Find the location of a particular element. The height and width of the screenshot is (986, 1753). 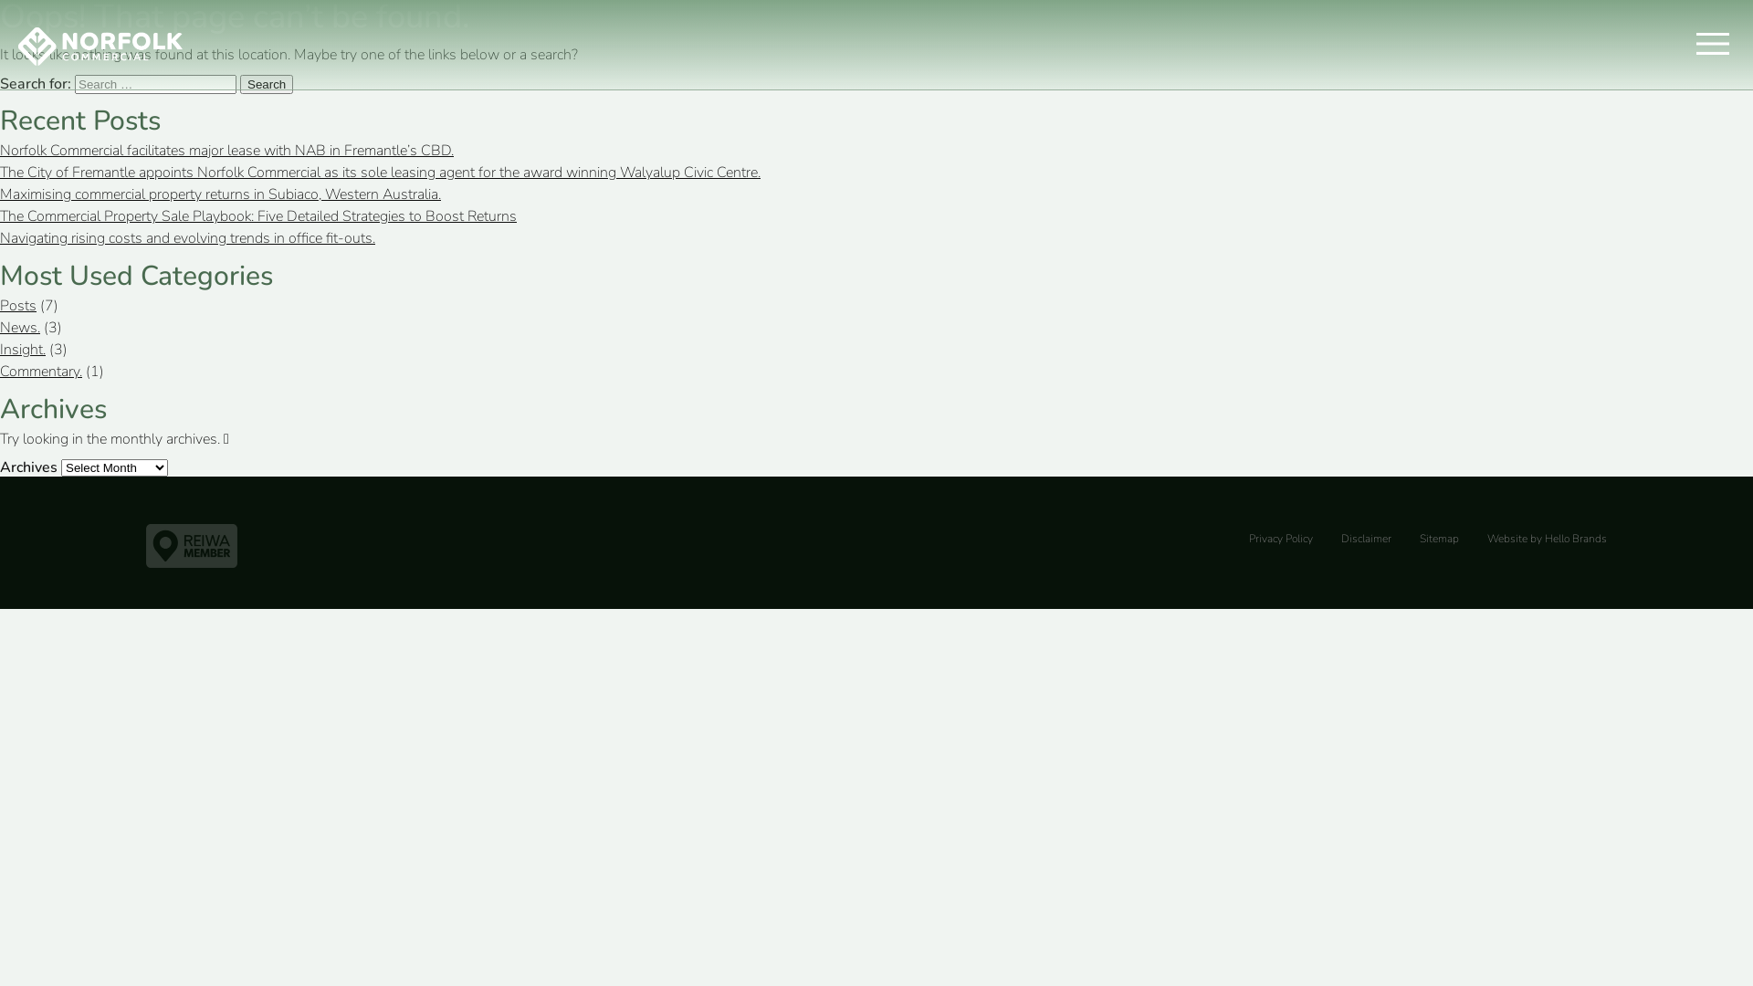

'Website by Hello Brands' is located at coordinates (1546, 538).